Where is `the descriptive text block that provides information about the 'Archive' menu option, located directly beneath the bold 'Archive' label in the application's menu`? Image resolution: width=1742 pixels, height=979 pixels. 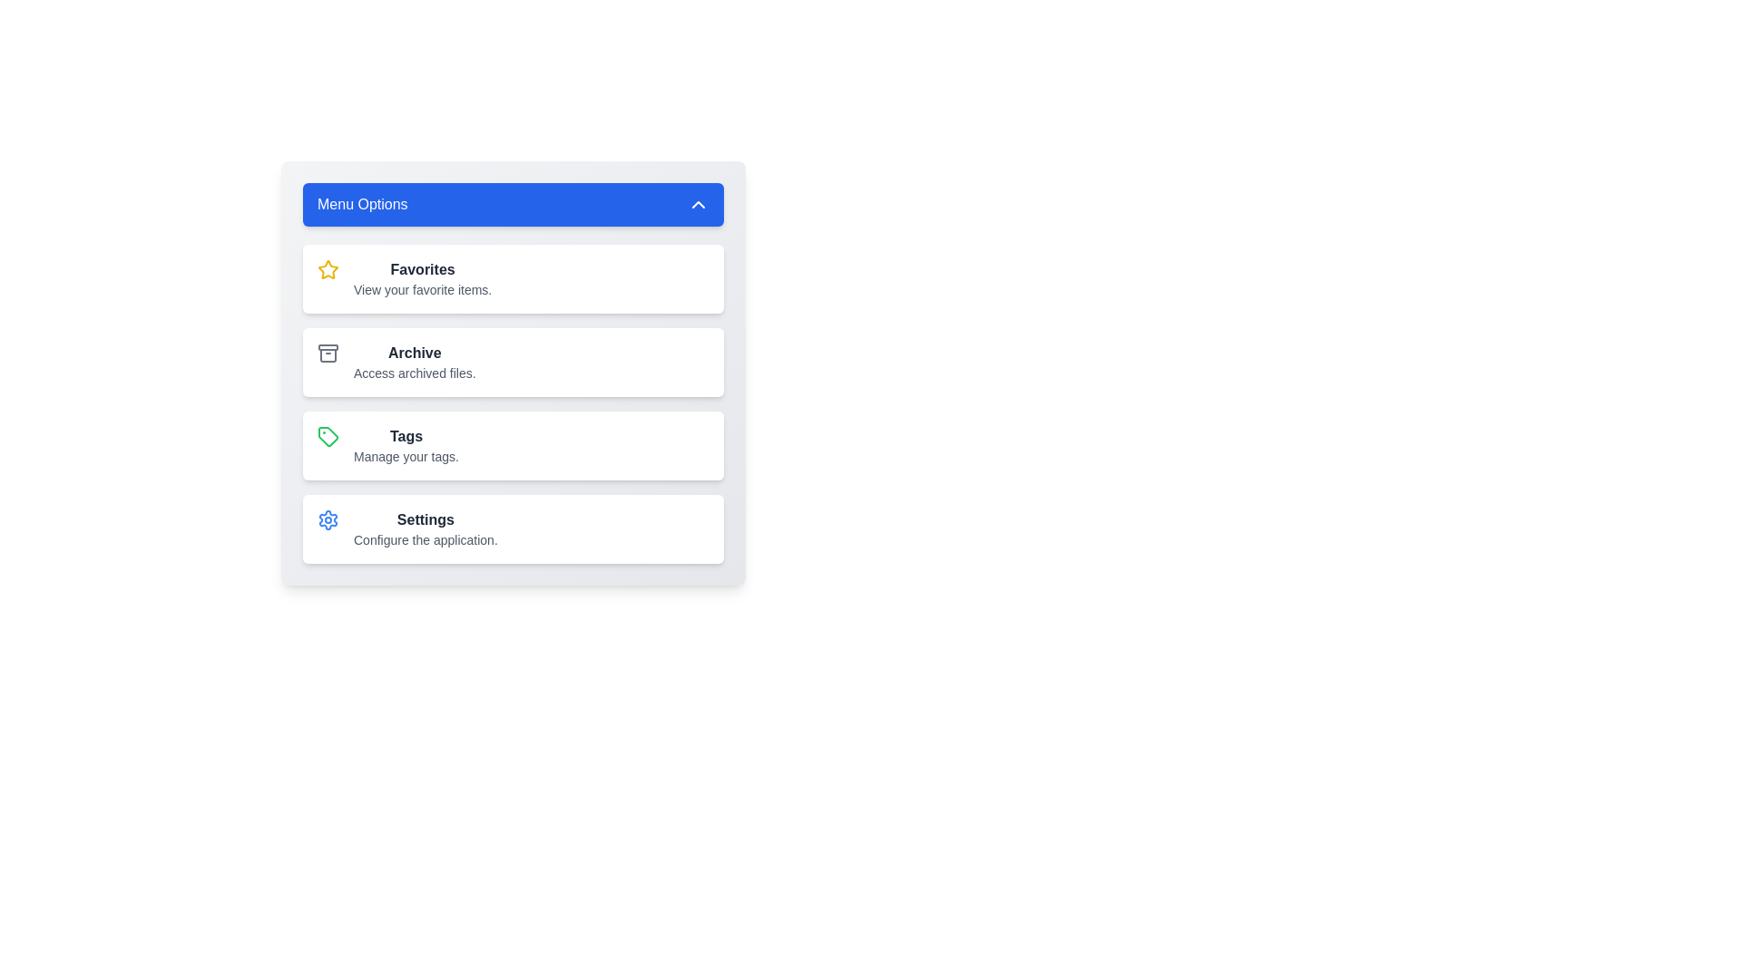
the descriptive text block that provides information about the 'Archive' menu option, located directly beneath the bold 'Archive' label in the application's menu is located at coordinates (414, 373).